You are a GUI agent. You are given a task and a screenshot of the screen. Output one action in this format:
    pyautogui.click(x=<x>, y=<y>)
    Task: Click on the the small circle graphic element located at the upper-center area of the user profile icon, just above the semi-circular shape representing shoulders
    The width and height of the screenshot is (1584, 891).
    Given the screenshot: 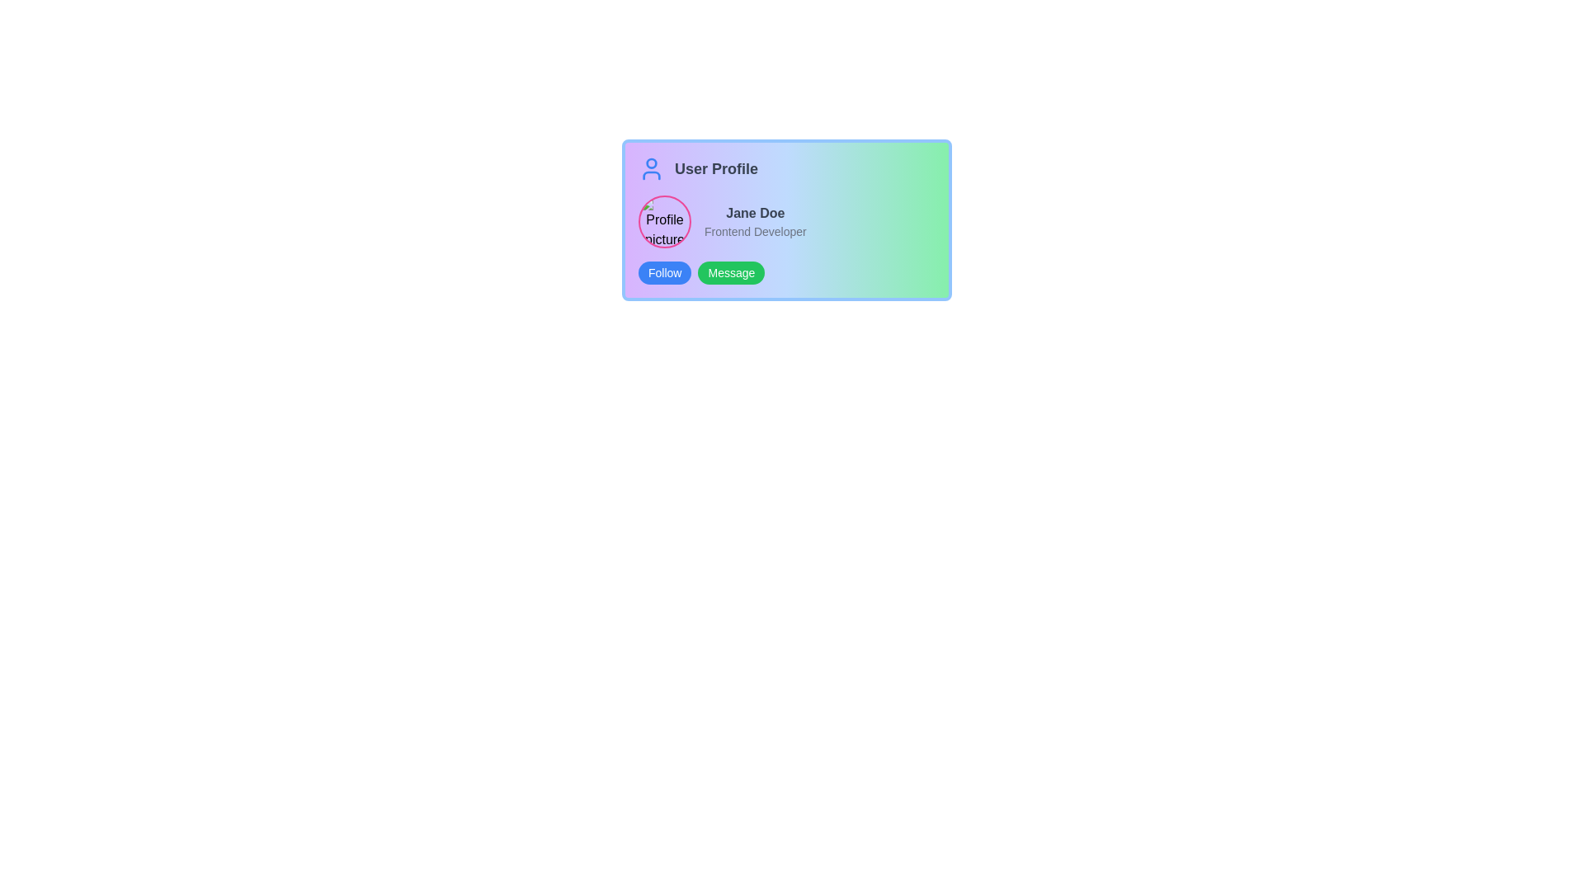 What is the action you would take?
    pyautogui.click(x=651, y=163)
    